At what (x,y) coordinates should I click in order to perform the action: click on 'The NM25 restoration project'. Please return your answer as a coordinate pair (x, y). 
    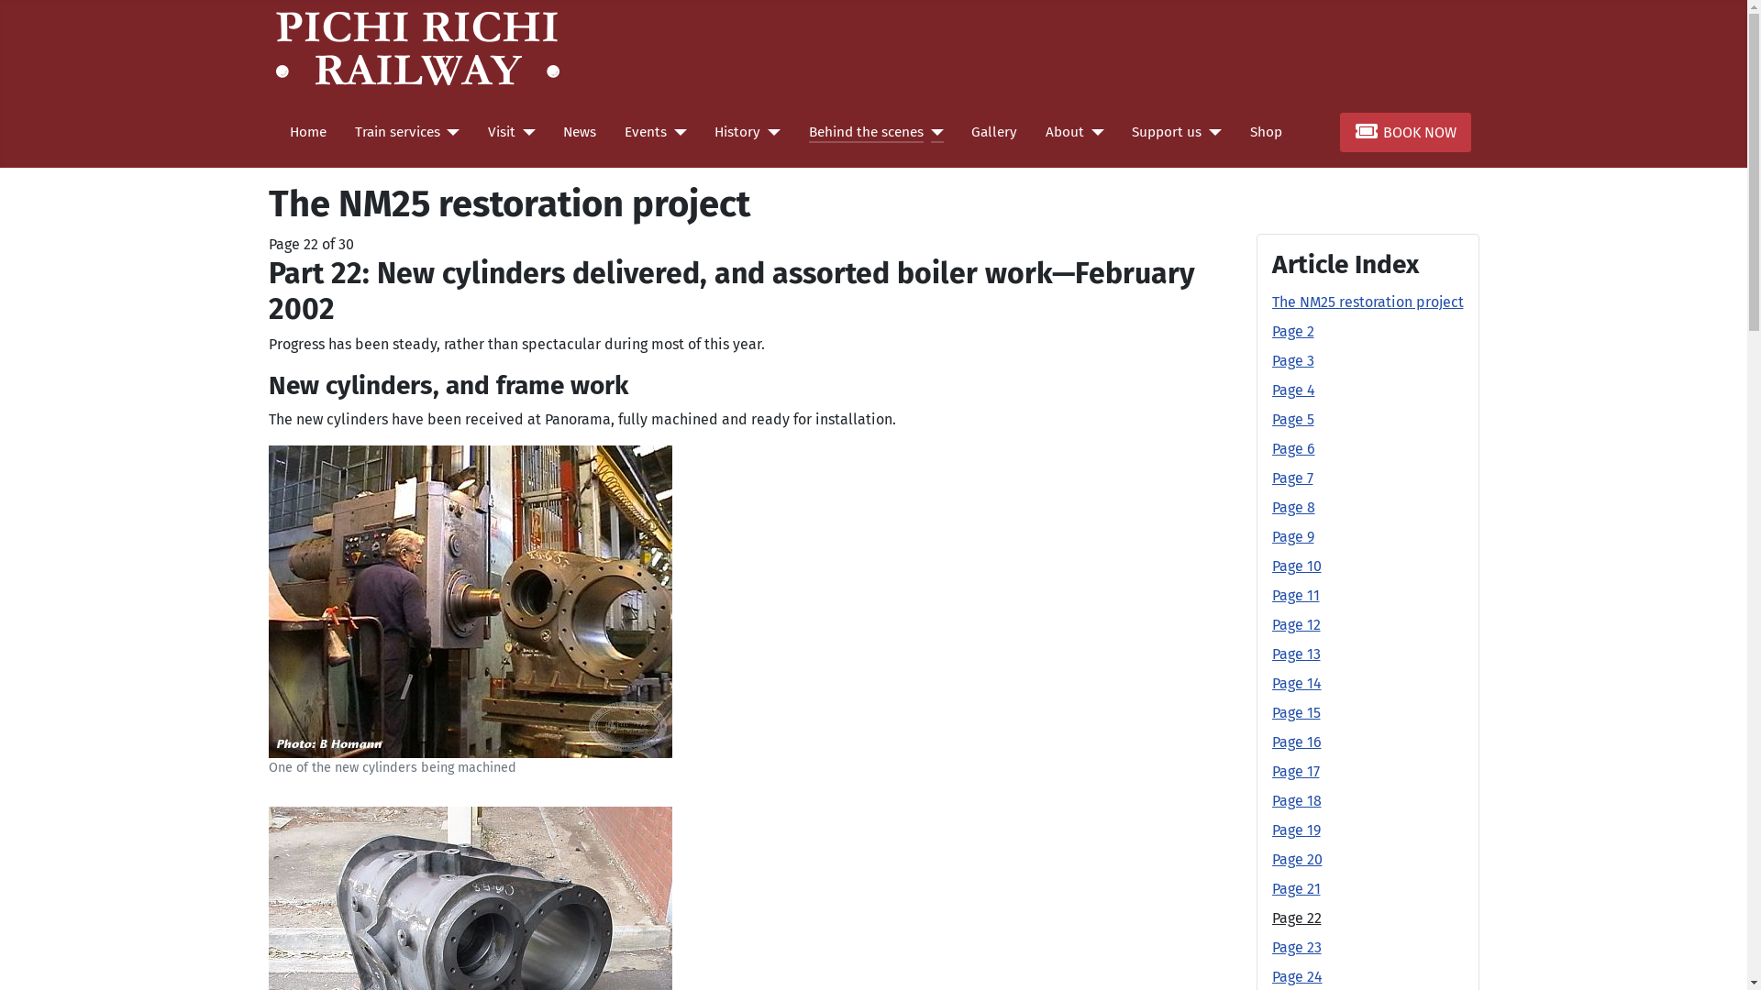
    Looking at the image, I should click on (1367, 301).